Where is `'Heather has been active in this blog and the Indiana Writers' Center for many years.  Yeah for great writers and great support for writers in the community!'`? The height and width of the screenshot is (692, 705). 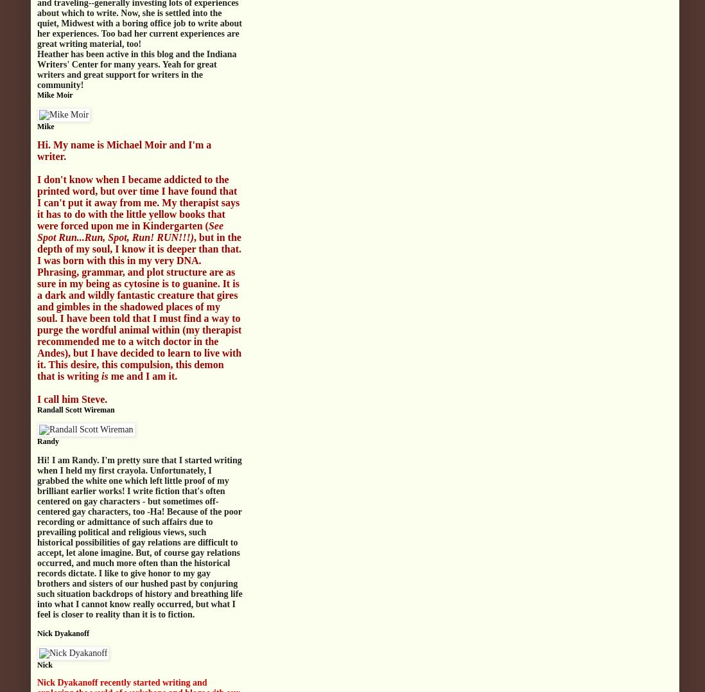
'Heather has been active in this blog and the Indiana Writers' Center for many years.  Yeah for great writers and great support for writers in the community!' is located at coordinates (136, 68).